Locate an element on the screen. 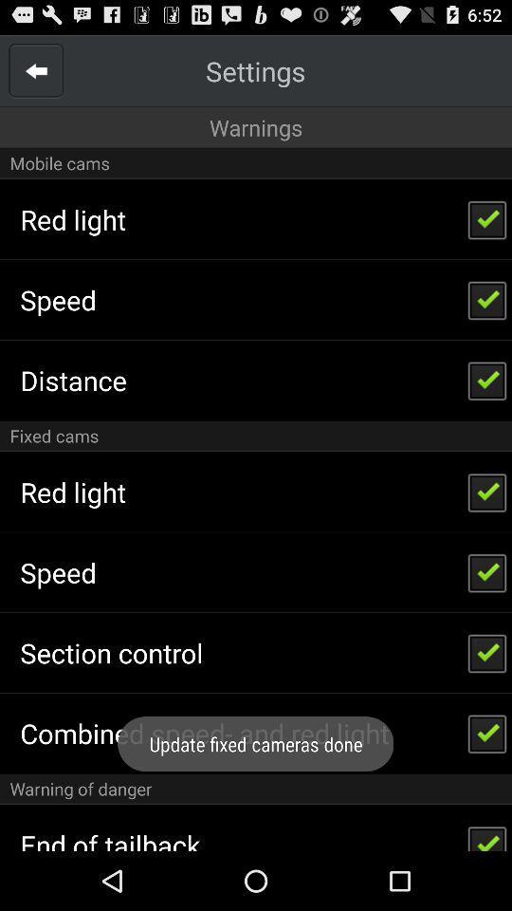 The image size is (512, 911). the button which is next to the speed is located at coordinates (487, 571).